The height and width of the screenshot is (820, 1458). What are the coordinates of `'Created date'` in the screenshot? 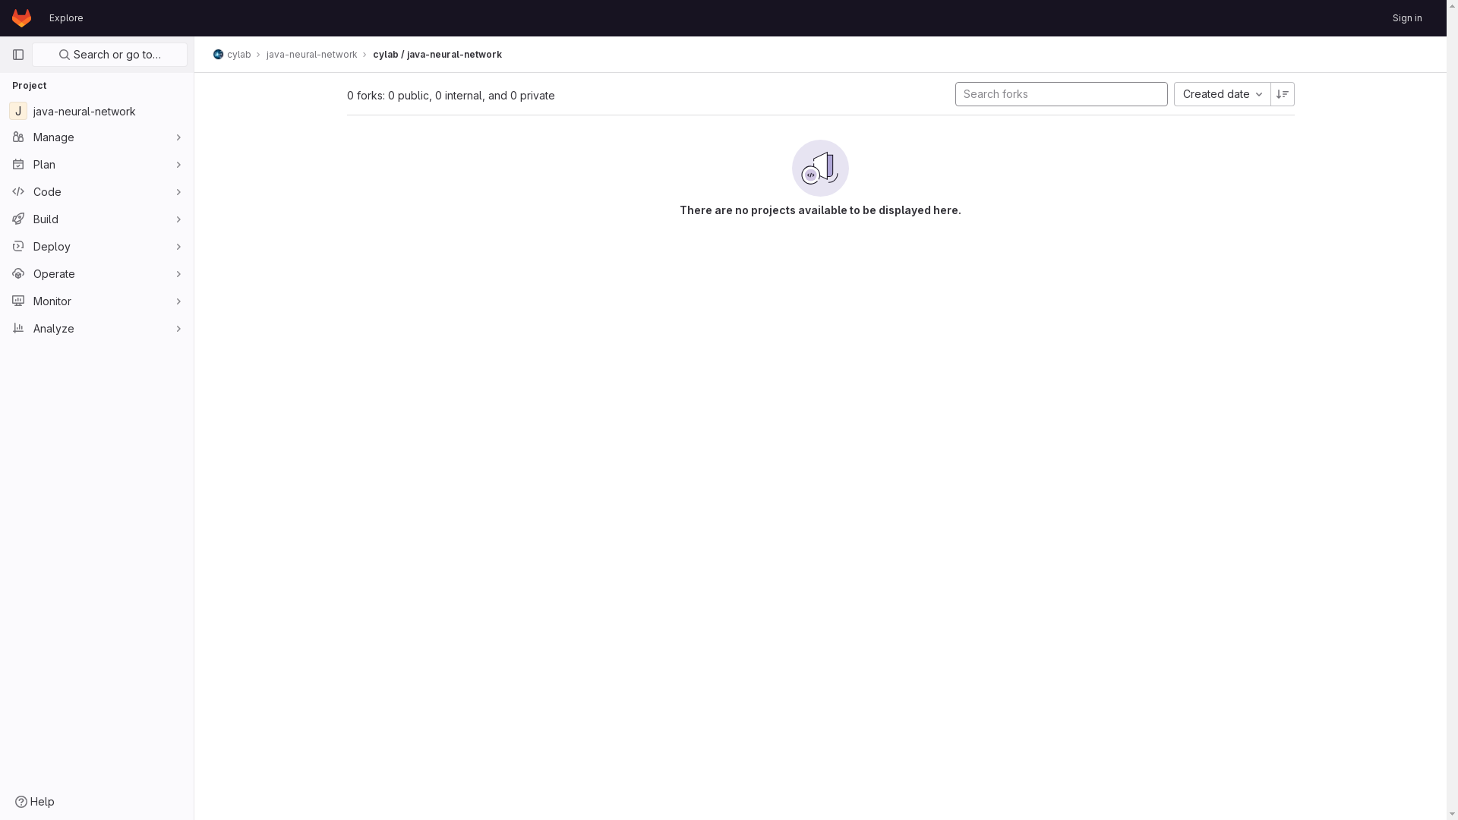 It's located at (1222, 93).